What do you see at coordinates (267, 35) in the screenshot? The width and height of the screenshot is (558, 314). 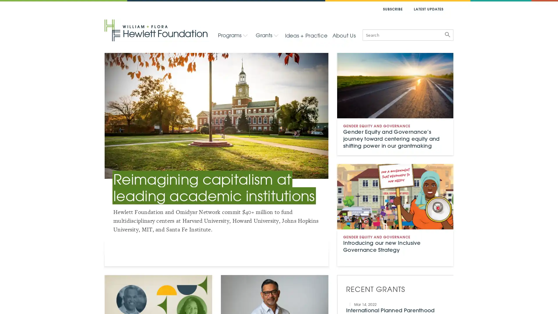 I see `Grants` at bounding box center [267, 35].